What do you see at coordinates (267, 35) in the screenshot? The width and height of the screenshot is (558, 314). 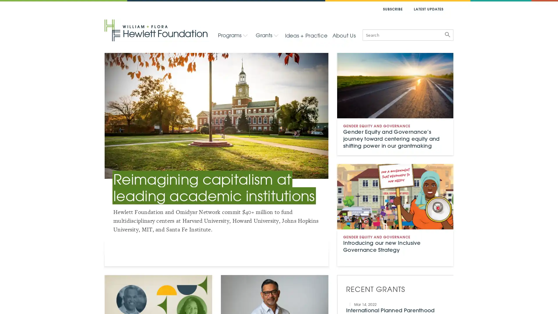 I see `Grants` at bounding box center [267, 35].